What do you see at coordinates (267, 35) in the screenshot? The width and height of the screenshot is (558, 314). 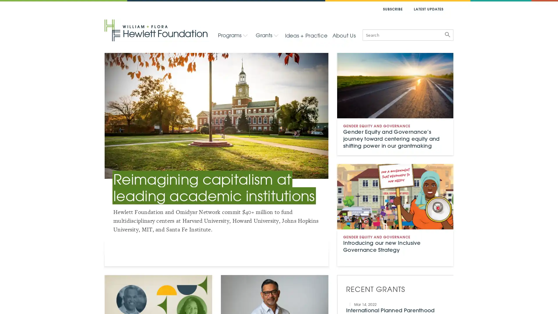 I see `Grants` at bounding box center [267, 35].